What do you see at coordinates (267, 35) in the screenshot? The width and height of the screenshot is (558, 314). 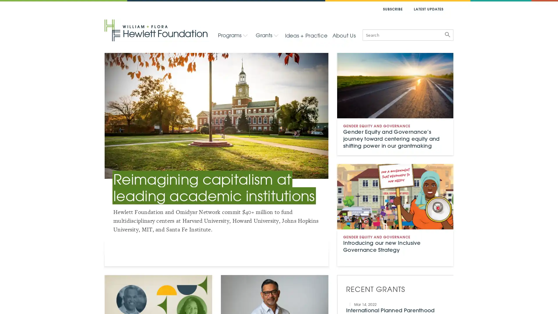 I see `Grants` at bounding box center [267, 35].